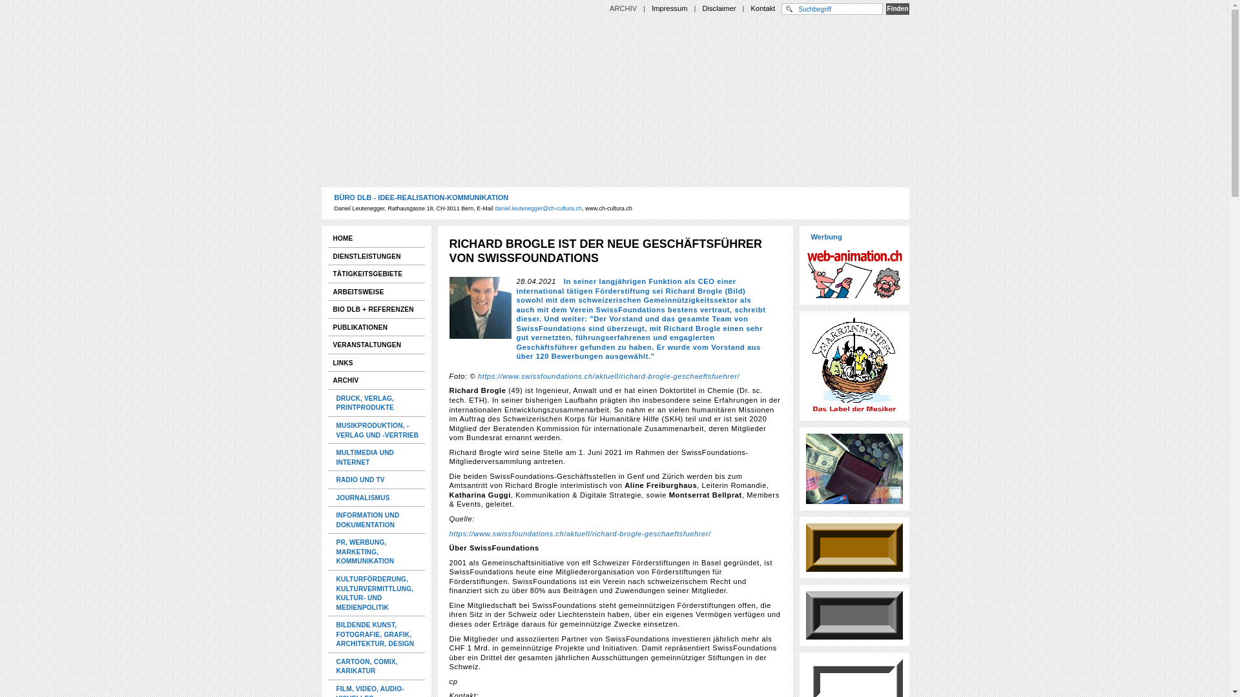  I want to click on 'BIO DLB + REFERENZEN', so click(375, 309).